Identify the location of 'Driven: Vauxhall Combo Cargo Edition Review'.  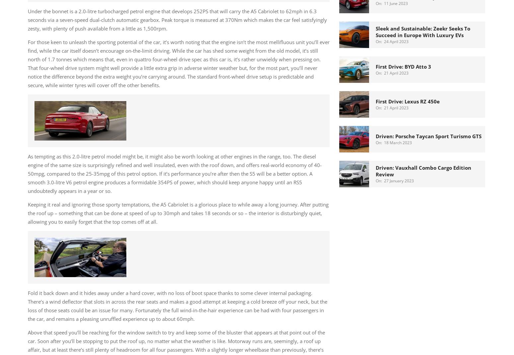
(423, 170).